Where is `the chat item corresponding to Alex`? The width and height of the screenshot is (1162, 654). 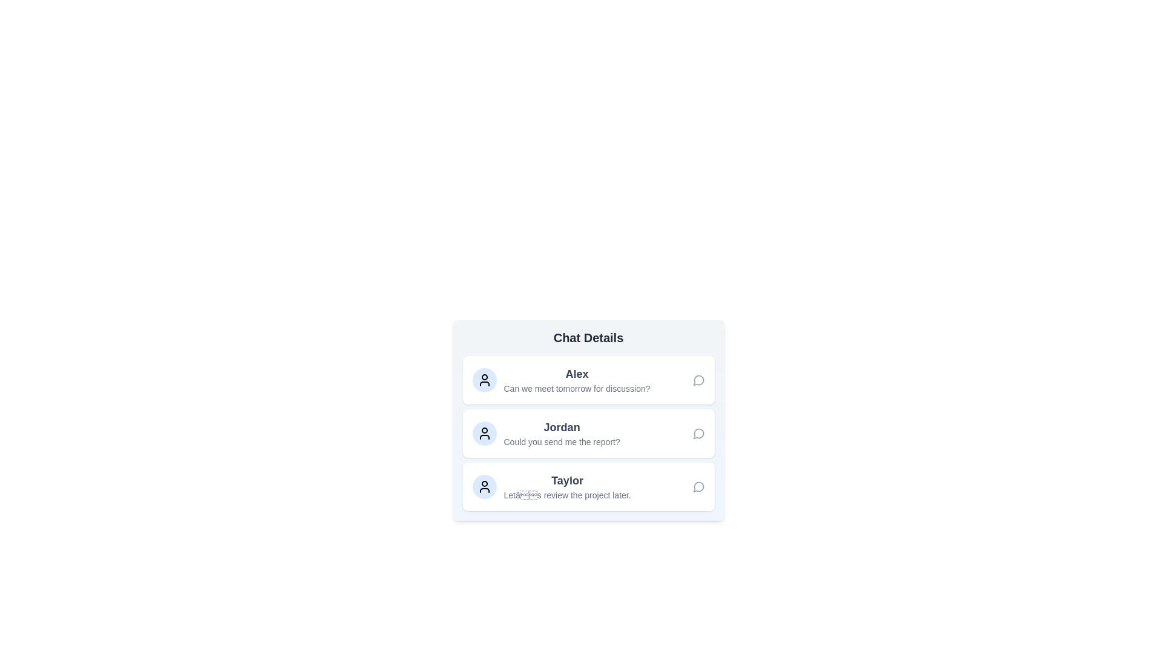
the chat item corresponding to Alex is located at coordinates (588, 380).